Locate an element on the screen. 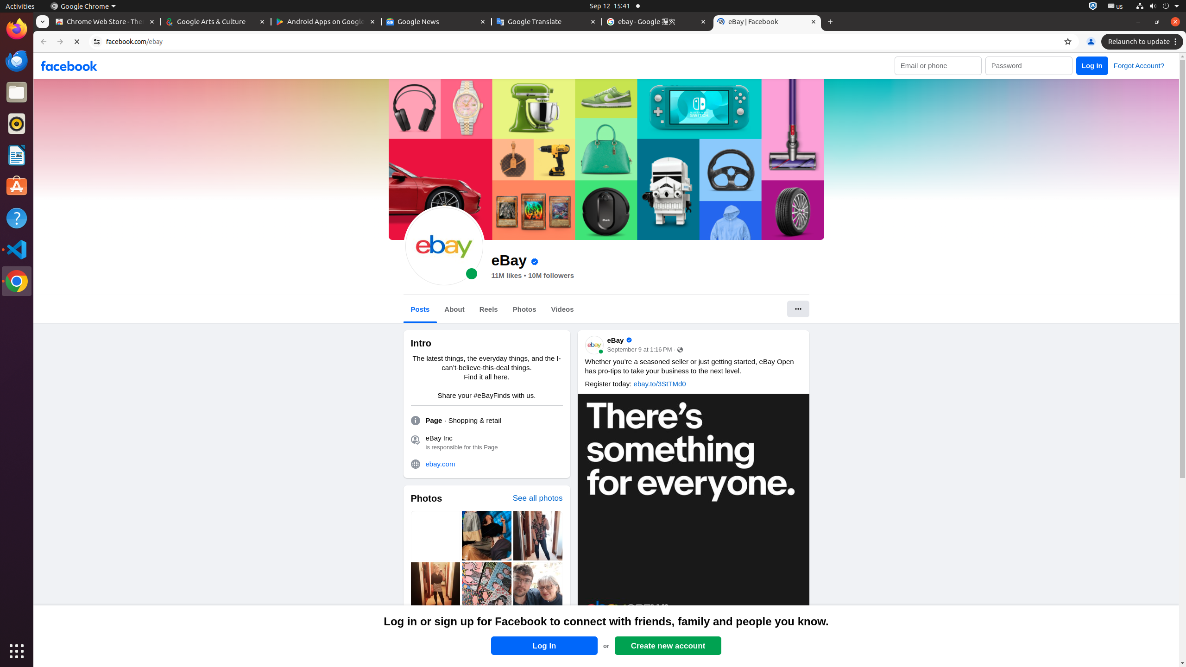 This screenshot has height=667, width=1186. 'View site information' is located at coordinates (96, 41).